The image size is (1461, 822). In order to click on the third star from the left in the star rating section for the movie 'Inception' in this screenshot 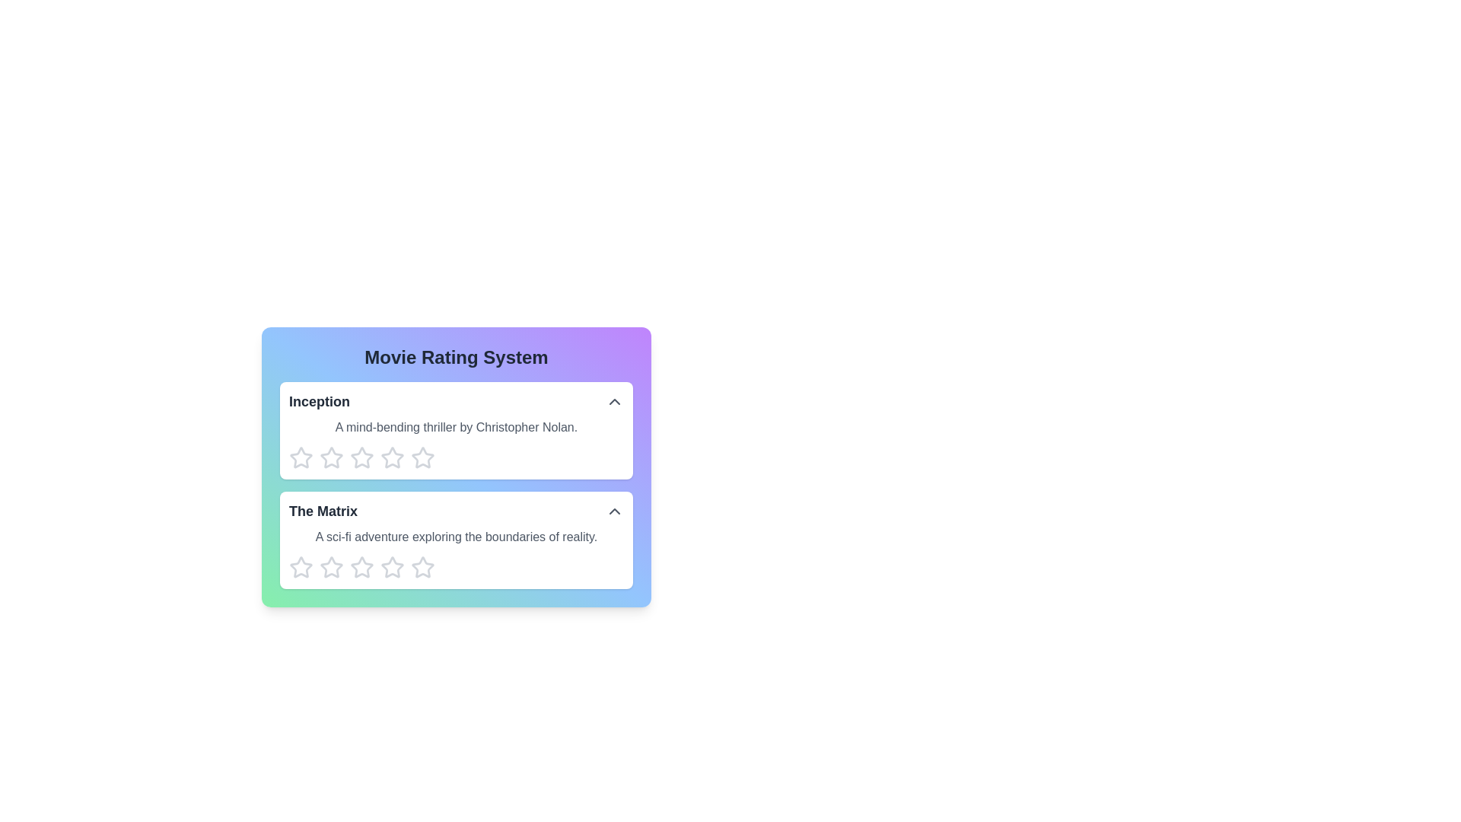, I will do `click(331, 457)`.